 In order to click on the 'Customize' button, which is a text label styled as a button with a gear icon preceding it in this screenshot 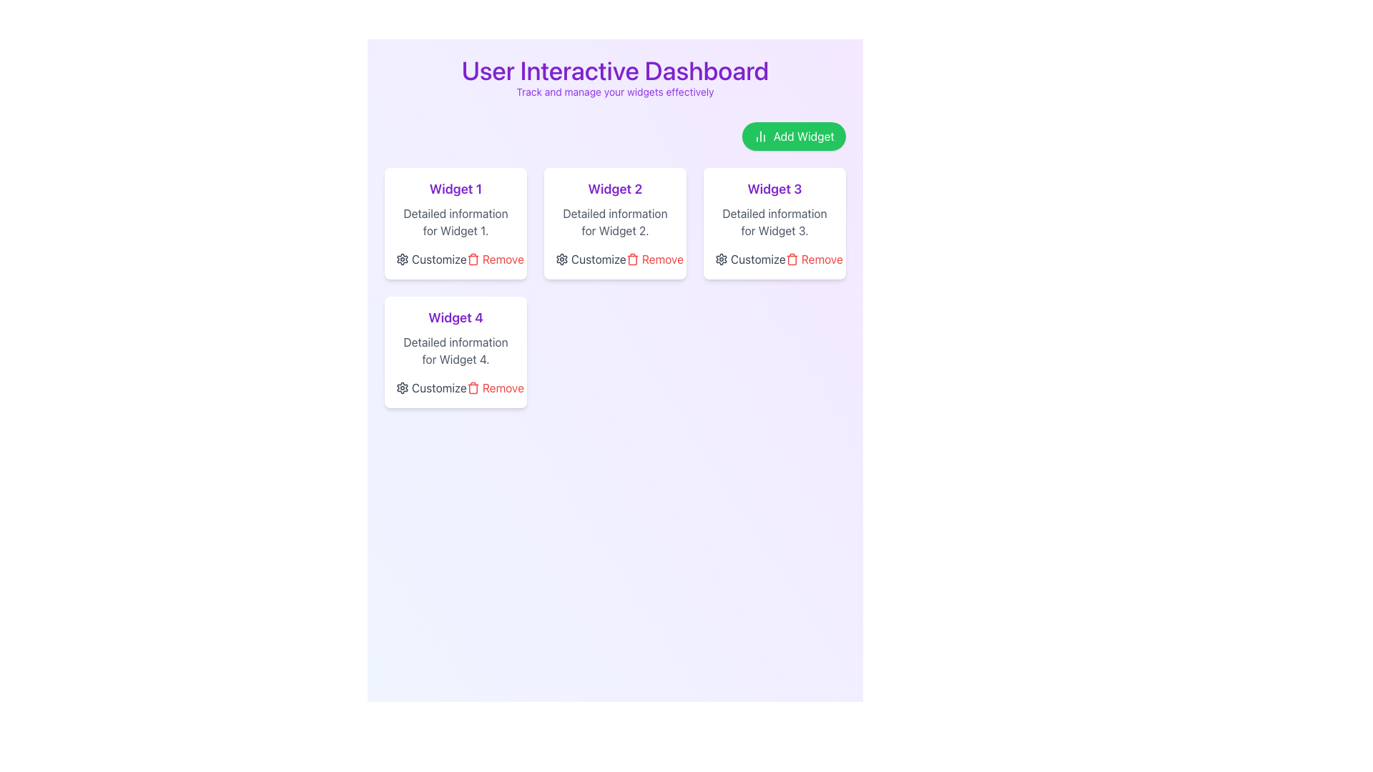, I will do `click(430, 259)`.